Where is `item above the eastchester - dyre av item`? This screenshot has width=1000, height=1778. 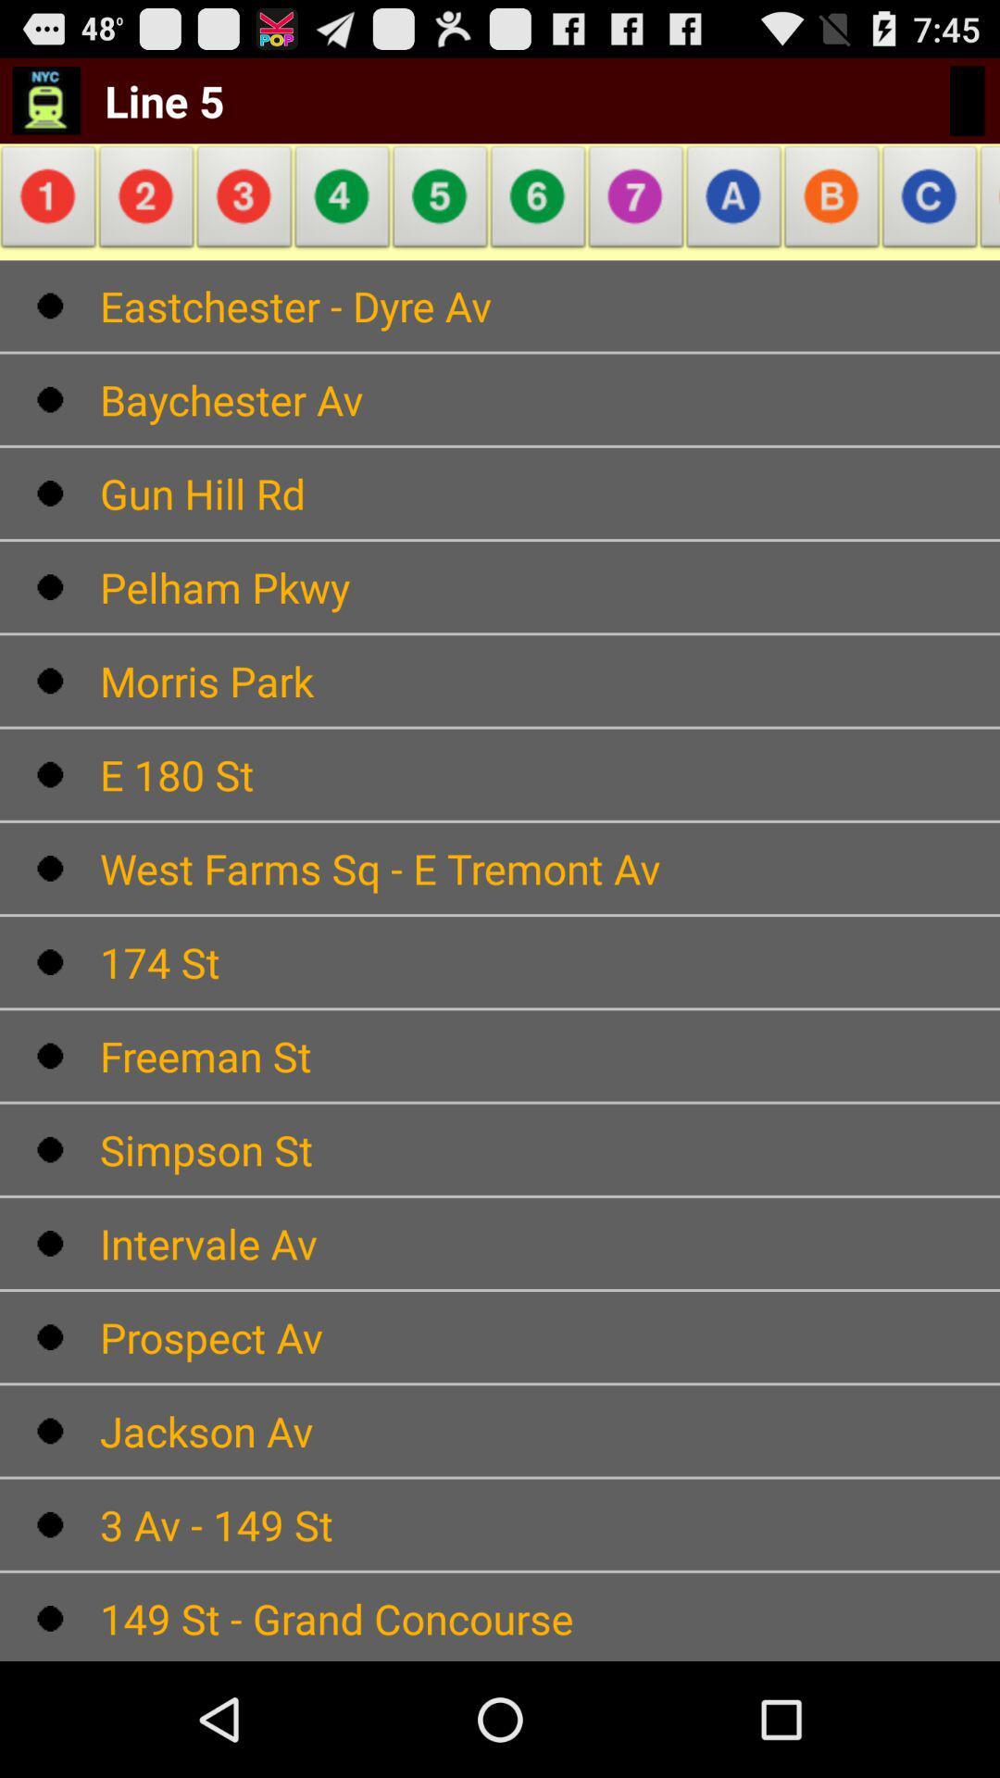 item above the eastchester - dyre av item is located at coordinates (145, 202).